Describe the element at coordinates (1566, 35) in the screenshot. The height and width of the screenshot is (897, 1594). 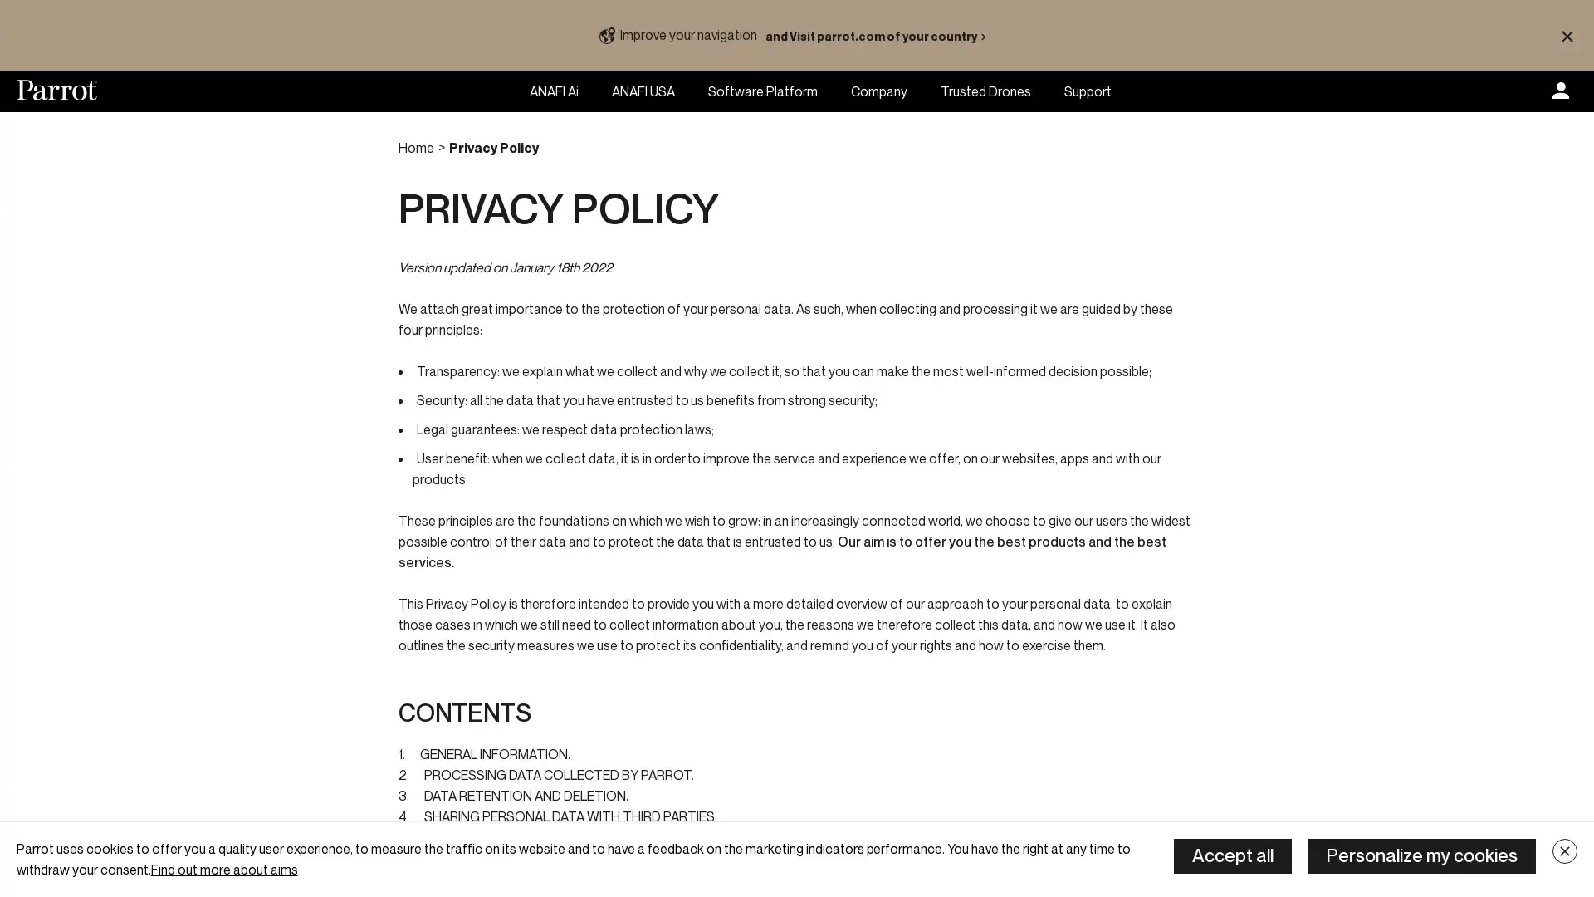
I see `close not-good-shop-alert` at that location.